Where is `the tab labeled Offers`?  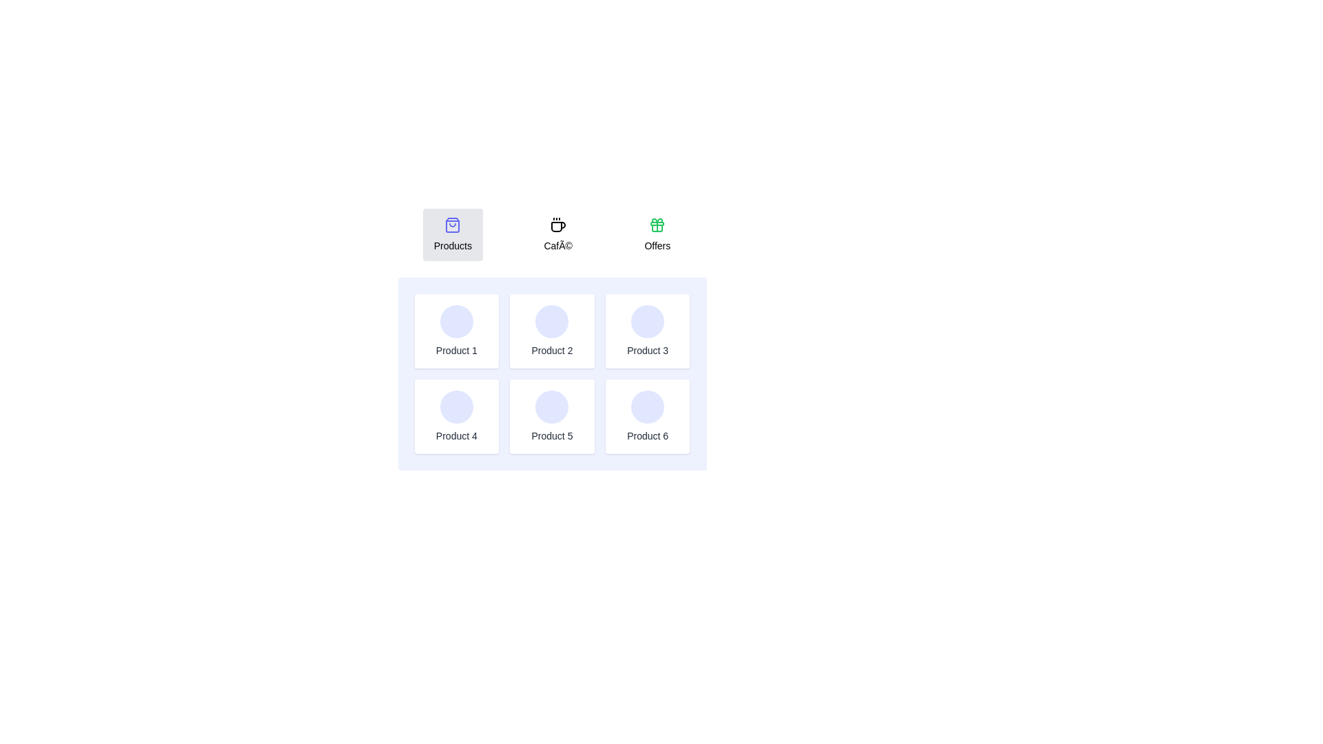 the tab labeled Offers is located at coordinates (657, 234).